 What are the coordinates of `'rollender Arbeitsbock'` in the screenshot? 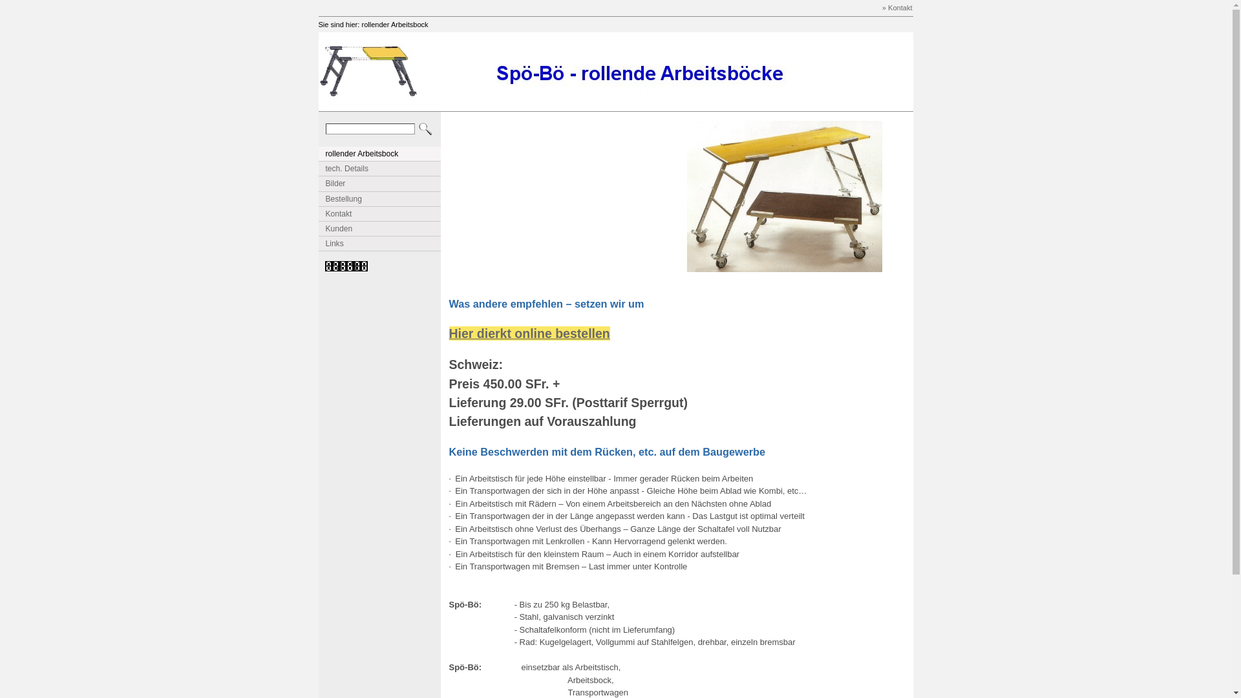 It's located at (361, 25).